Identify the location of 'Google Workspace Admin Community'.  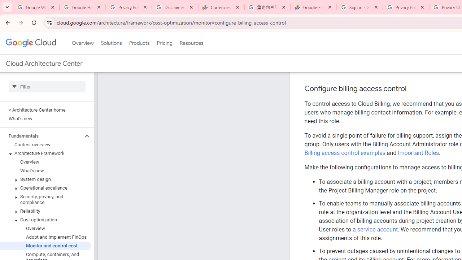
(36, 7).